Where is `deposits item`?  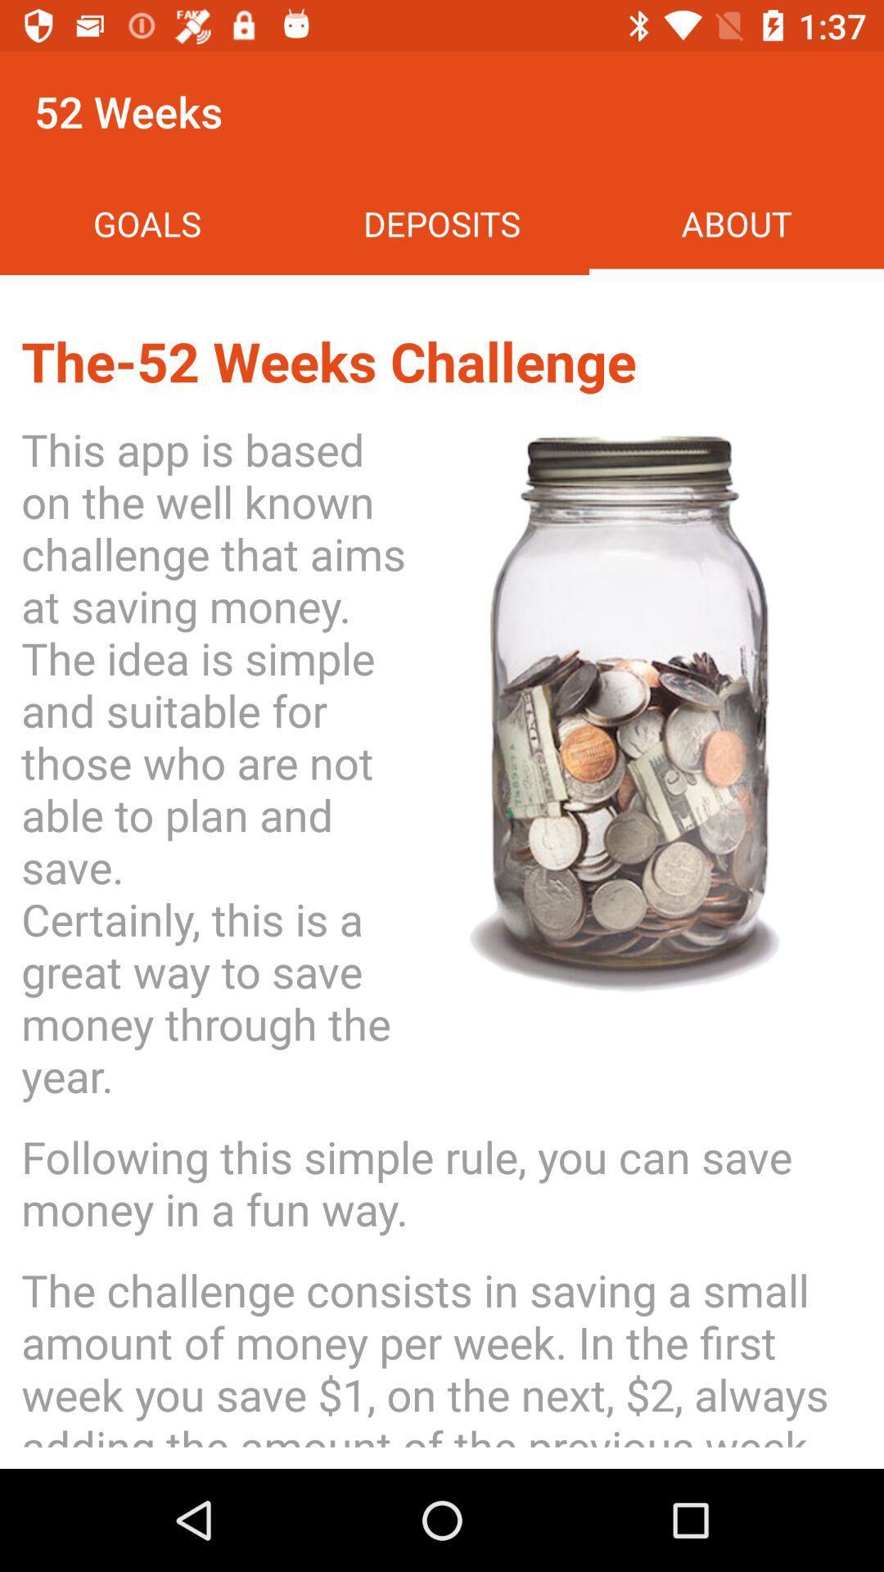
deposits item is located at coordinates (442, 223).